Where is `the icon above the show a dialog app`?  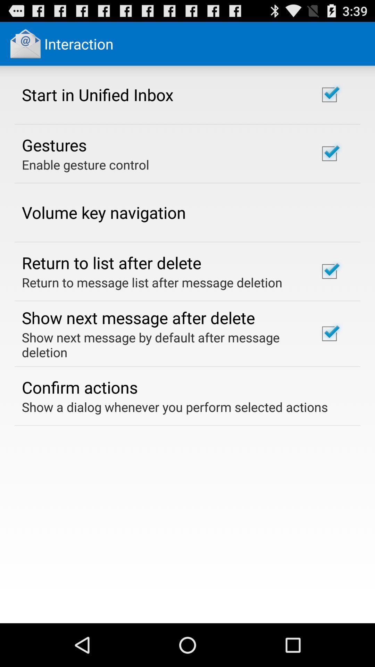 the icon above the show a dialog app is located at coordinates (79, 387).